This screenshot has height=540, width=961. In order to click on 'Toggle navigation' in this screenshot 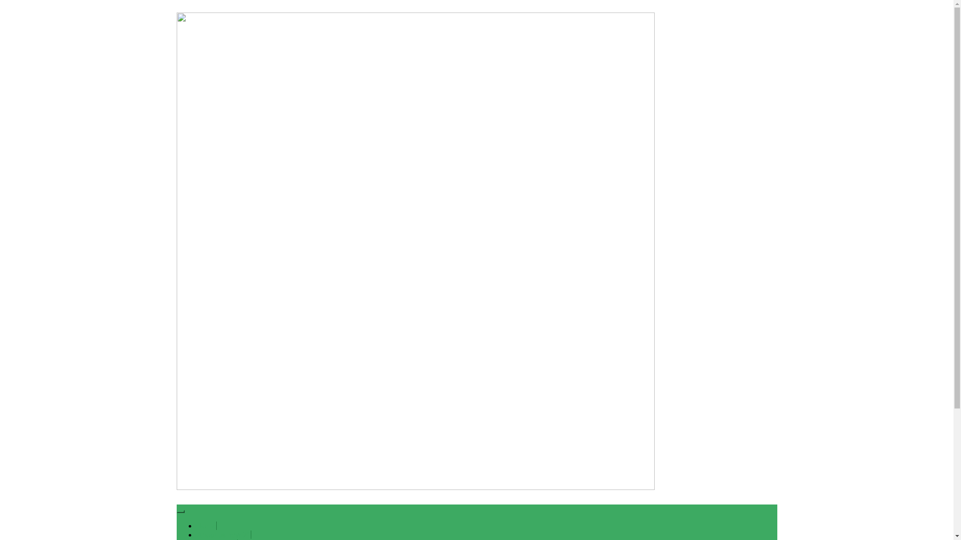, I will do `click(180, 511)`.